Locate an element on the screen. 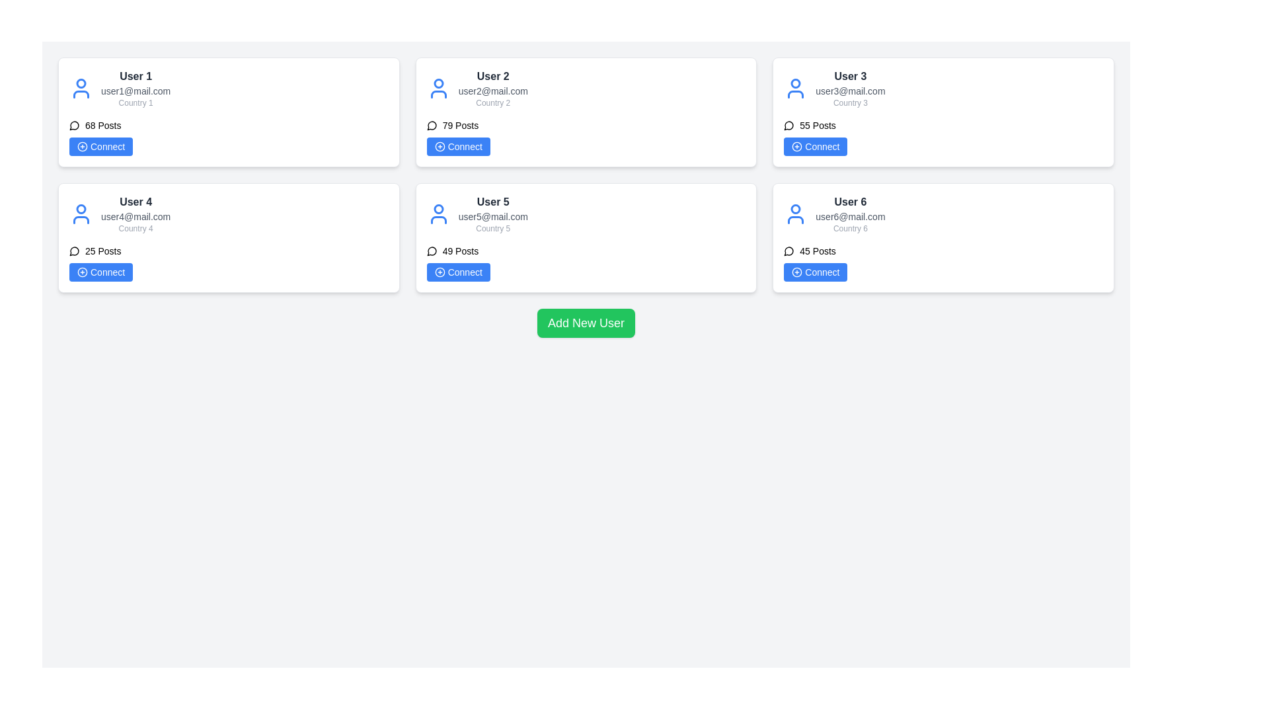 The height and width of the screenshot is (714, 1269). the static text label displaying the number of posts associated with 'User 2', which is located under the email 'user2@mail.com' and to the right of the speech bubble icon is located at coordinates (460, 125).